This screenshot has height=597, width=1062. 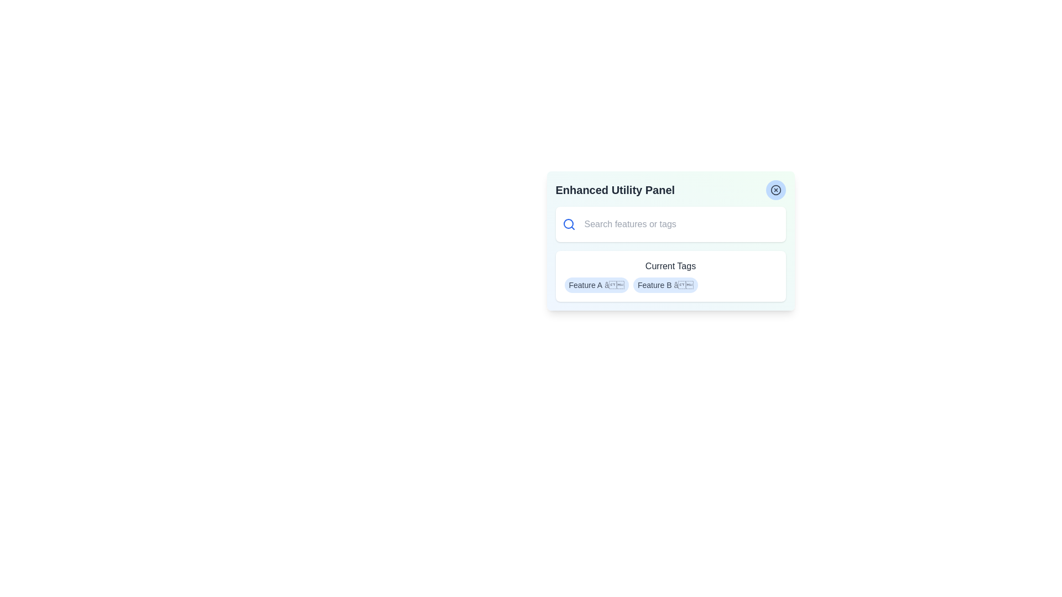 I want to click on the Search input field with a white background and a magnifying glass icon to focus on it, so click(x=670, y=224).